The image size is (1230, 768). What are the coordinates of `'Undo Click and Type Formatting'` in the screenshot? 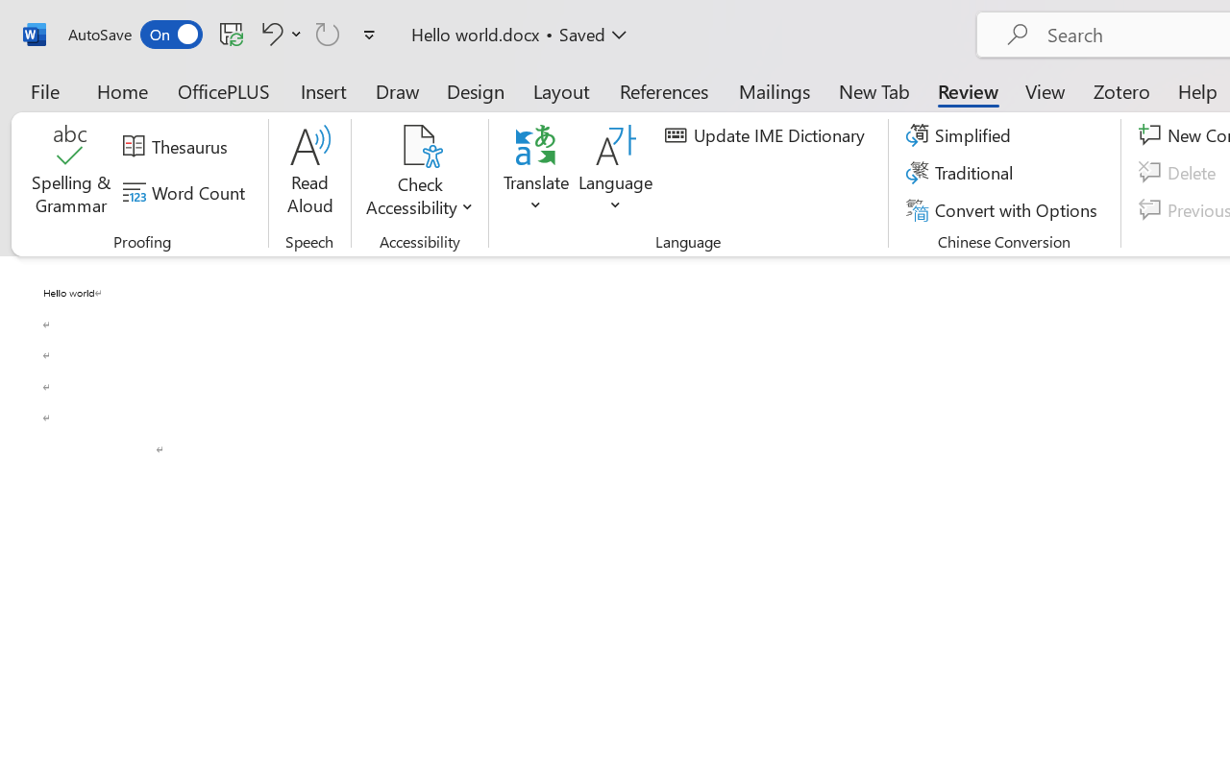 It's located at (278, 33).